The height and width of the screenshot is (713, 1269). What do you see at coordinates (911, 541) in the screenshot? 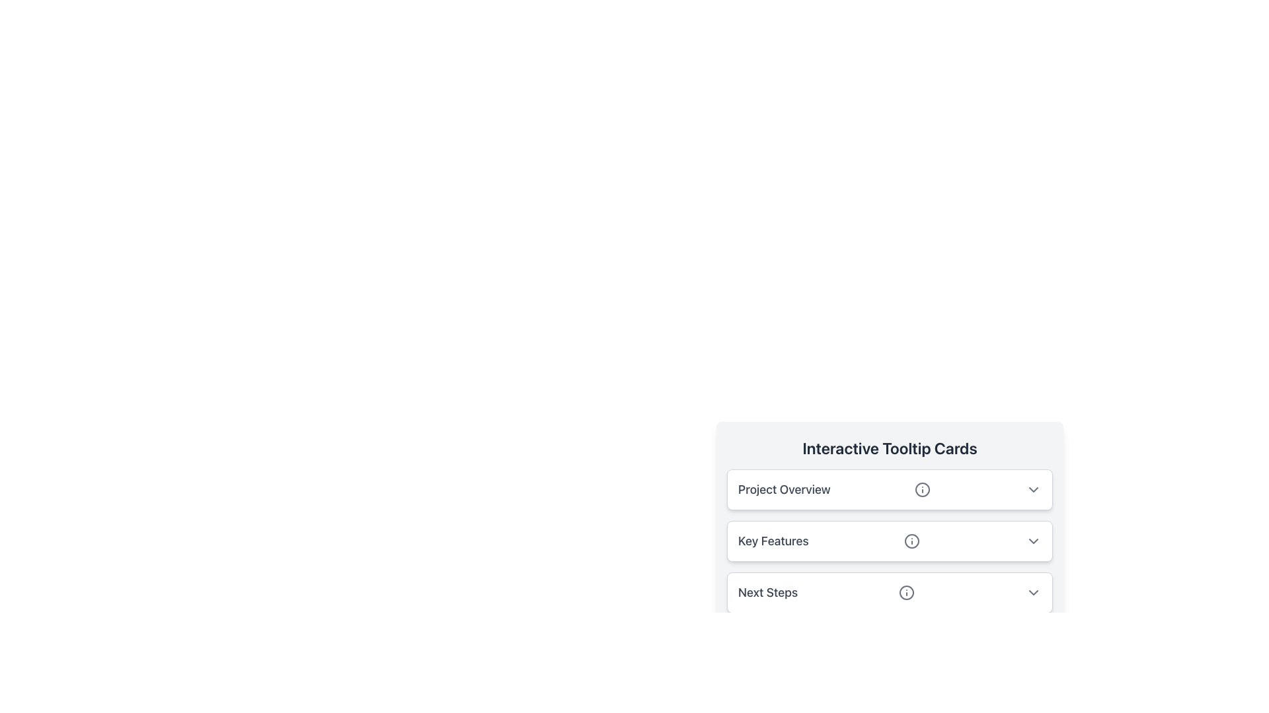
I see `the informational icon located to the right of the 'Key Features' label in the 'Interactive Tooltip Cards' section` at bounding box center [911, 541].